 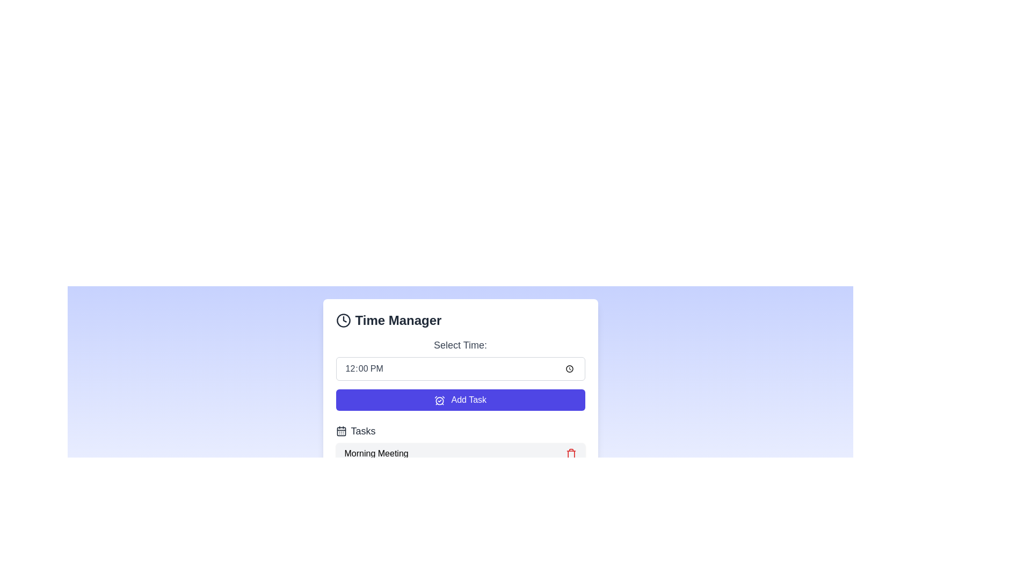 What do you see at coordinates (570, 453) in the screenshot?
I see `the red trash can icon button located to the far right of the 'Morning Meeting' task item to initiate deletion` at bounding box center [570, 453].